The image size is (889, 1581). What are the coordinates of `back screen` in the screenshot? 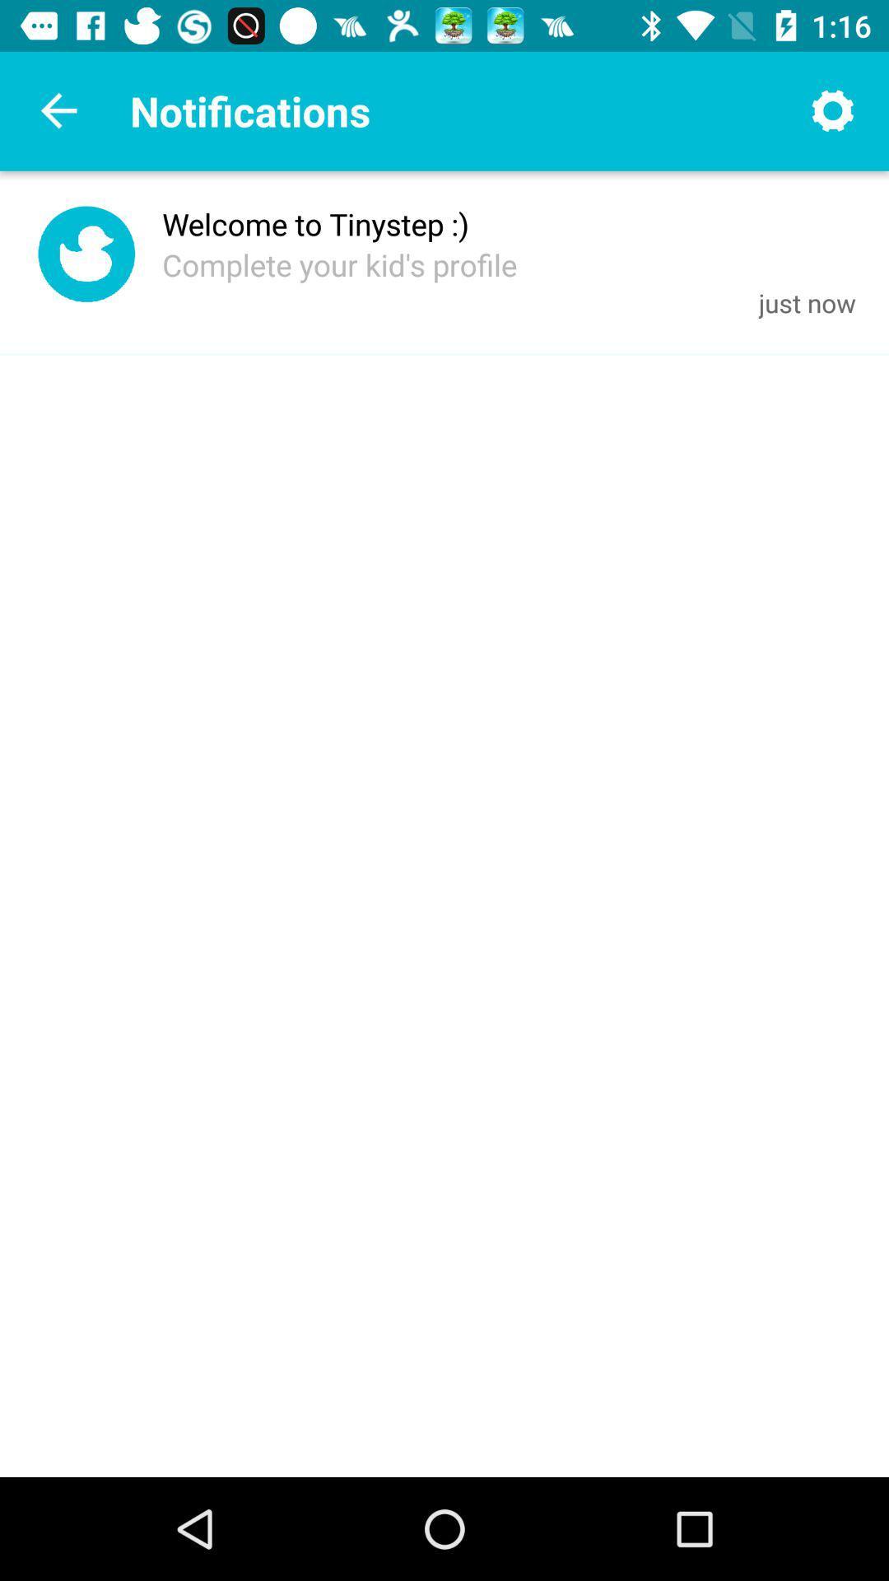 It's located at (58, 110).